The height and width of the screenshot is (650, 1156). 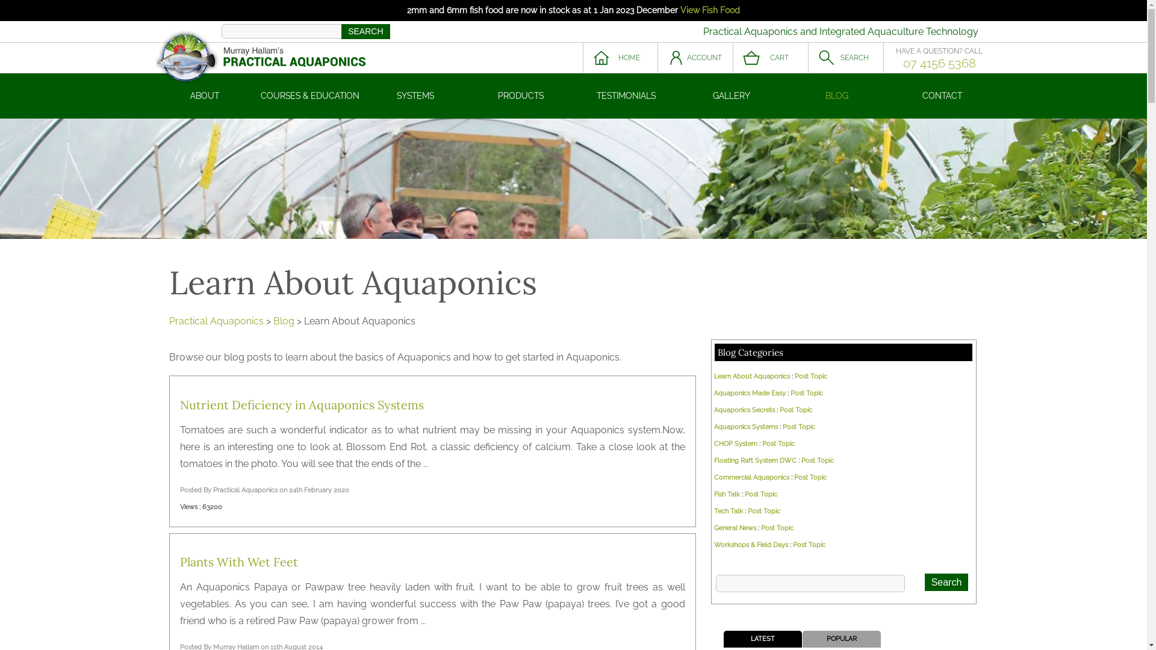 I want to click on 'Post Topic', so click(x=780, y=409).